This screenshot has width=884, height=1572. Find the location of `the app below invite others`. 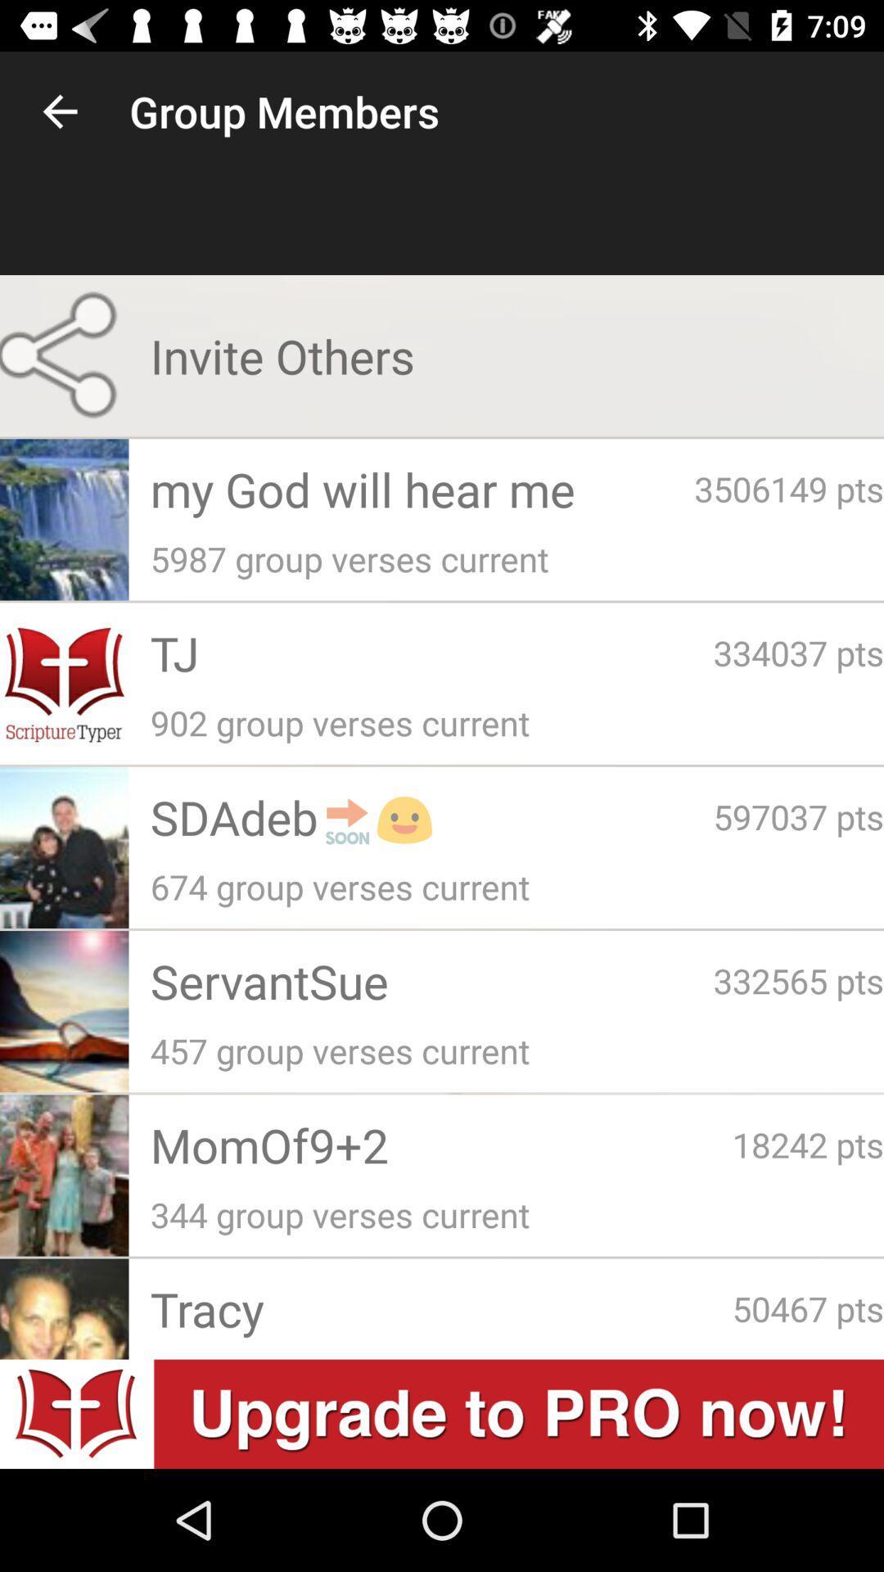

the app below invite others is located at coordinates (788, 487).